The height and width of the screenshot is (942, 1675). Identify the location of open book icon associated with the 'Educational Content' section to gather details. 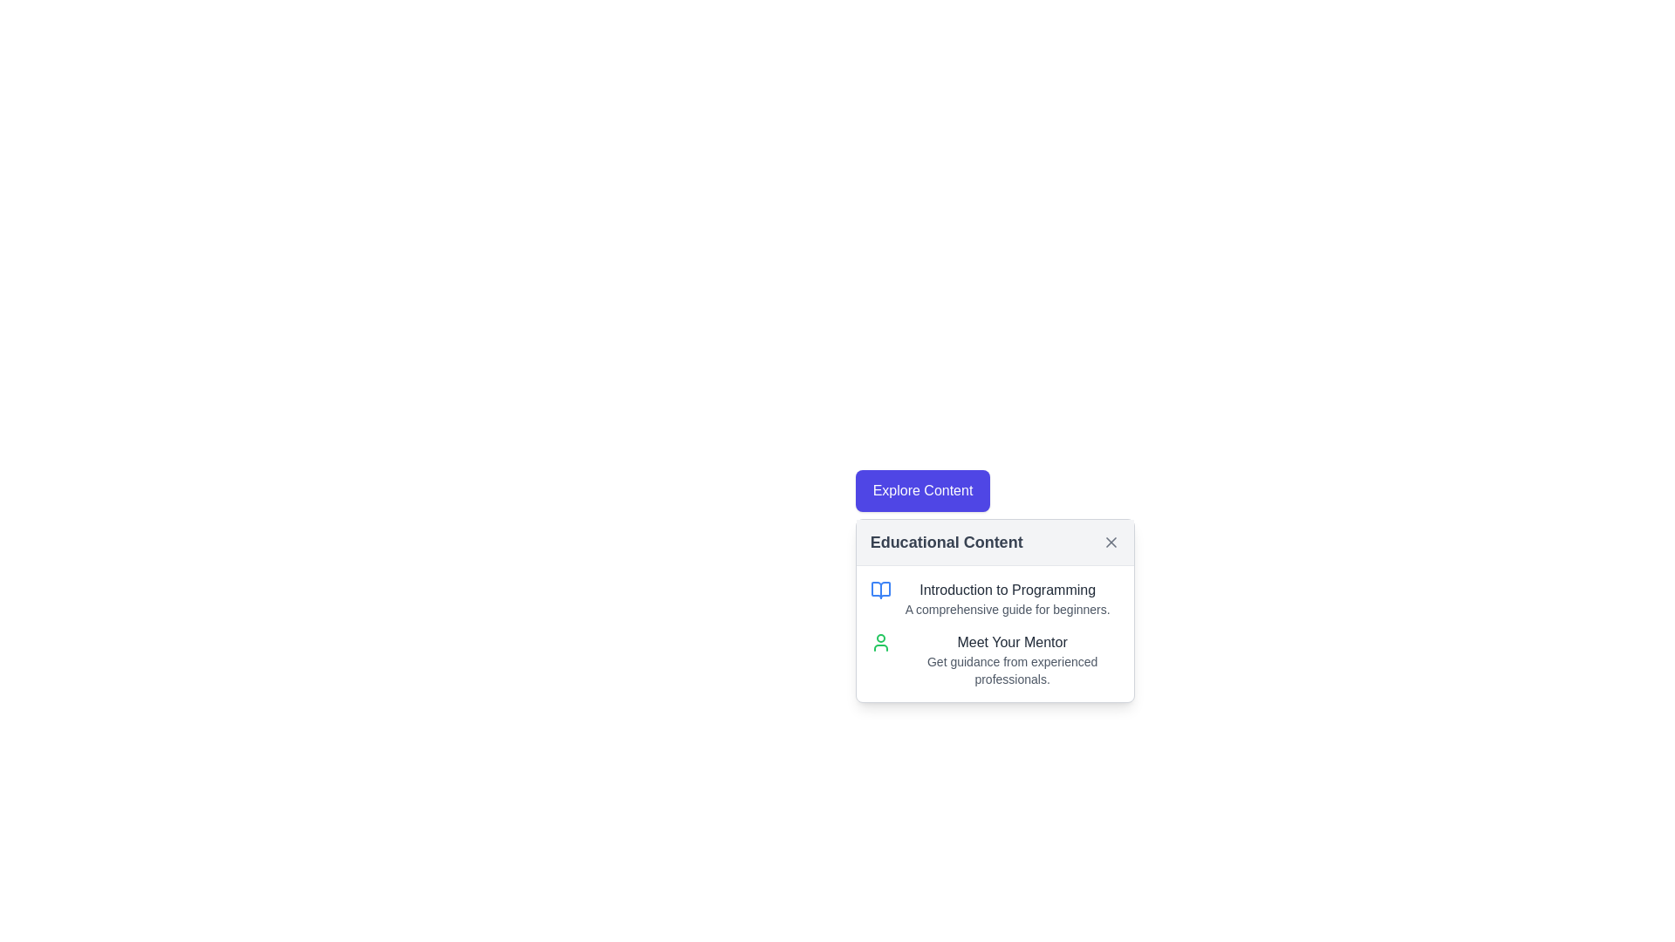
(880, 590).